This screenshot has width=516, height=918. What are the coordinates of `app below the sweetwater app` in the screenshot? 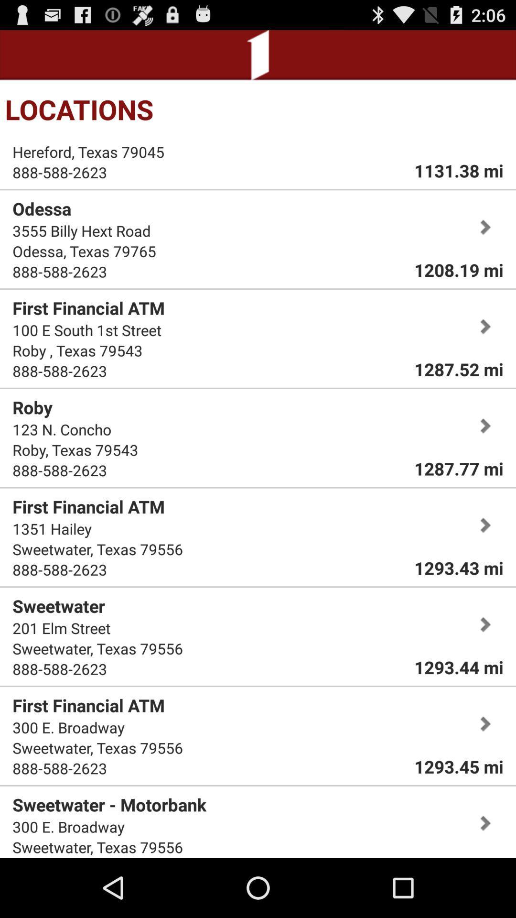 It's located at (61, 628).